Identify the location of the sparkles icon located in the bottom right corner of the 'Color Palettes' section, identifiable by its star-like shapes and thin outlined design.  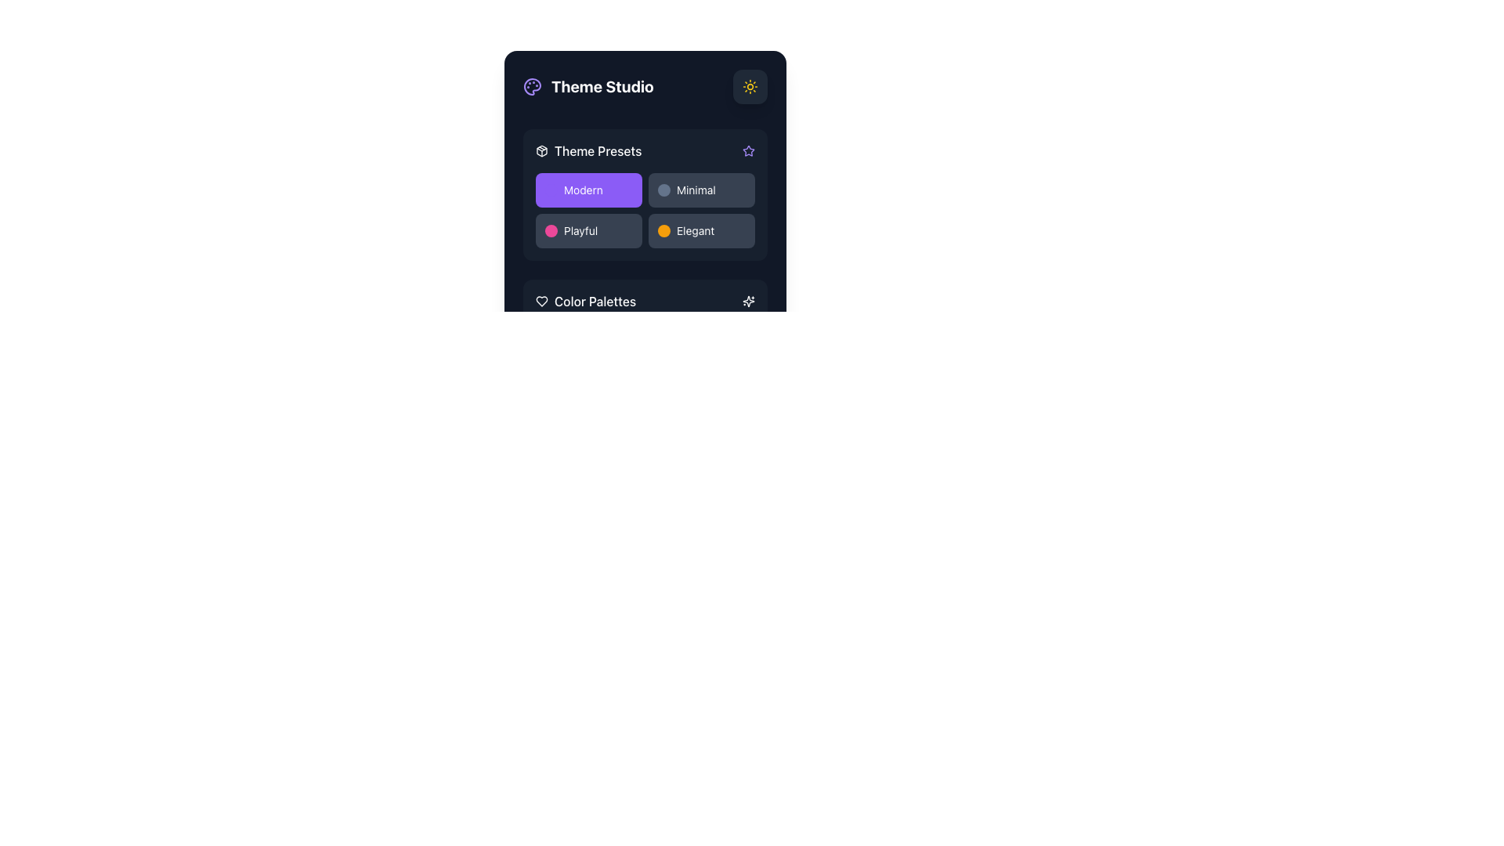
(747, 302).